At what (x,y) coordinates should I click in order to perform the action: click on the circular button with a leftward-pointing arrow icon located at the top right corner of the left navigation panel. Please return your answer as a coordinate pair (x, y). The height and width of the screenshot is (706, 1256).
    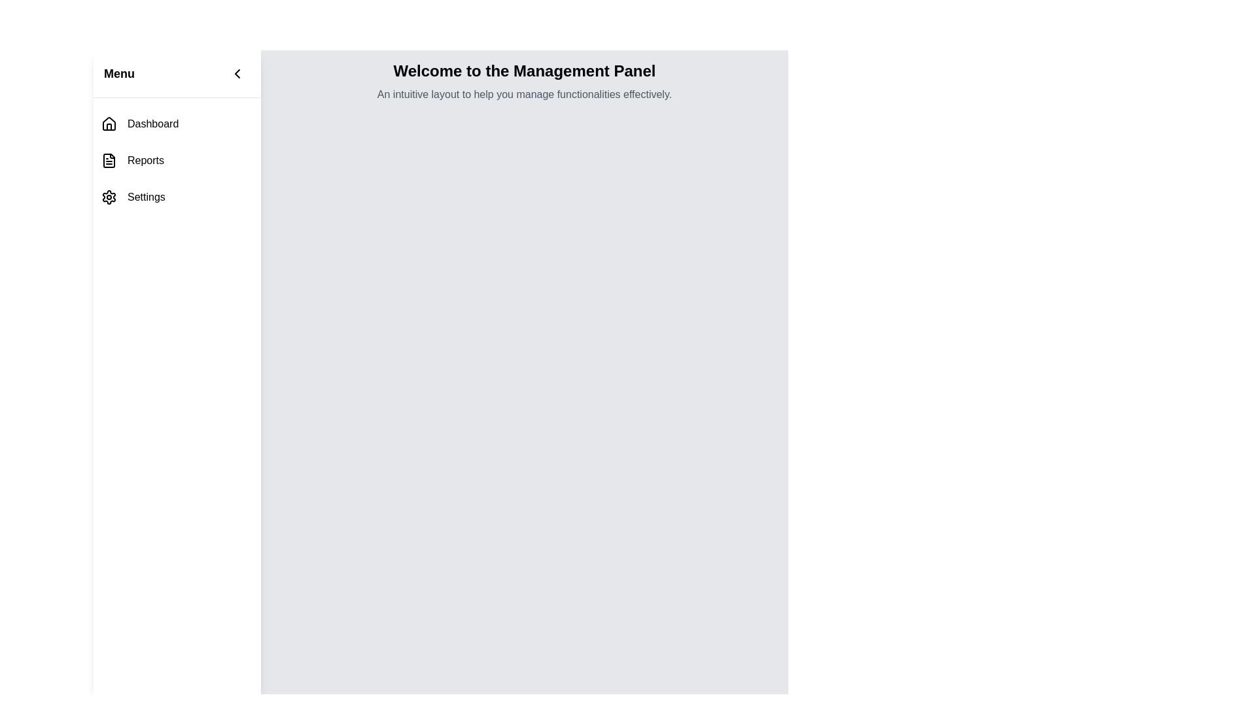
    Looking at the image, I should click on (237, 73).